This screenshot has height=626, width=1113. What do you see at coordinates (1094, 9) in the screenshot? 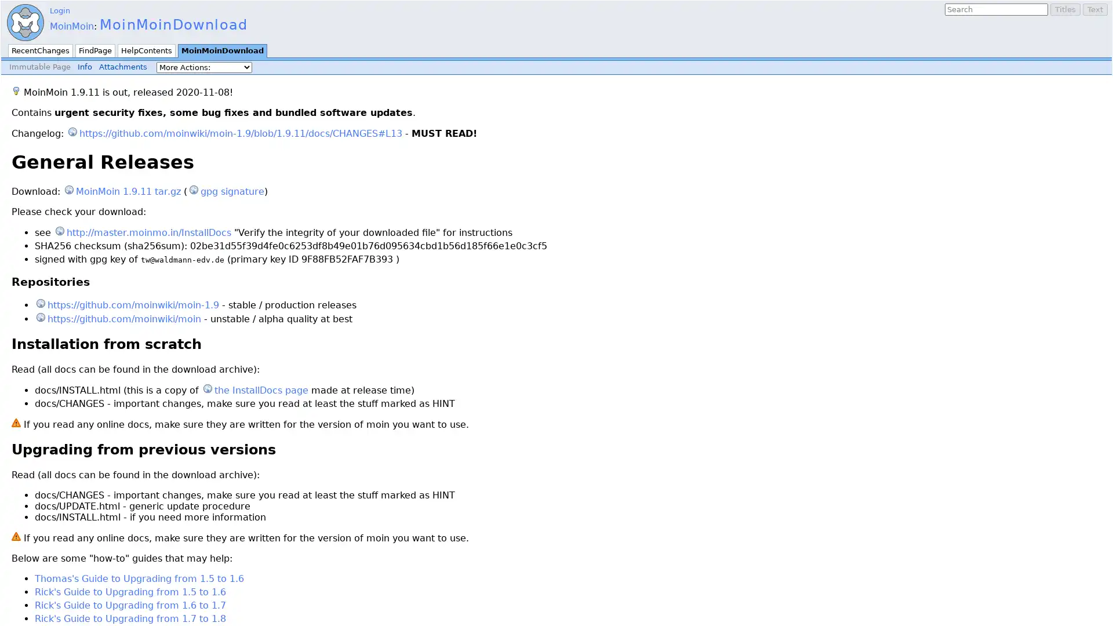
I see `Text` at bounding box center [1094, 9].